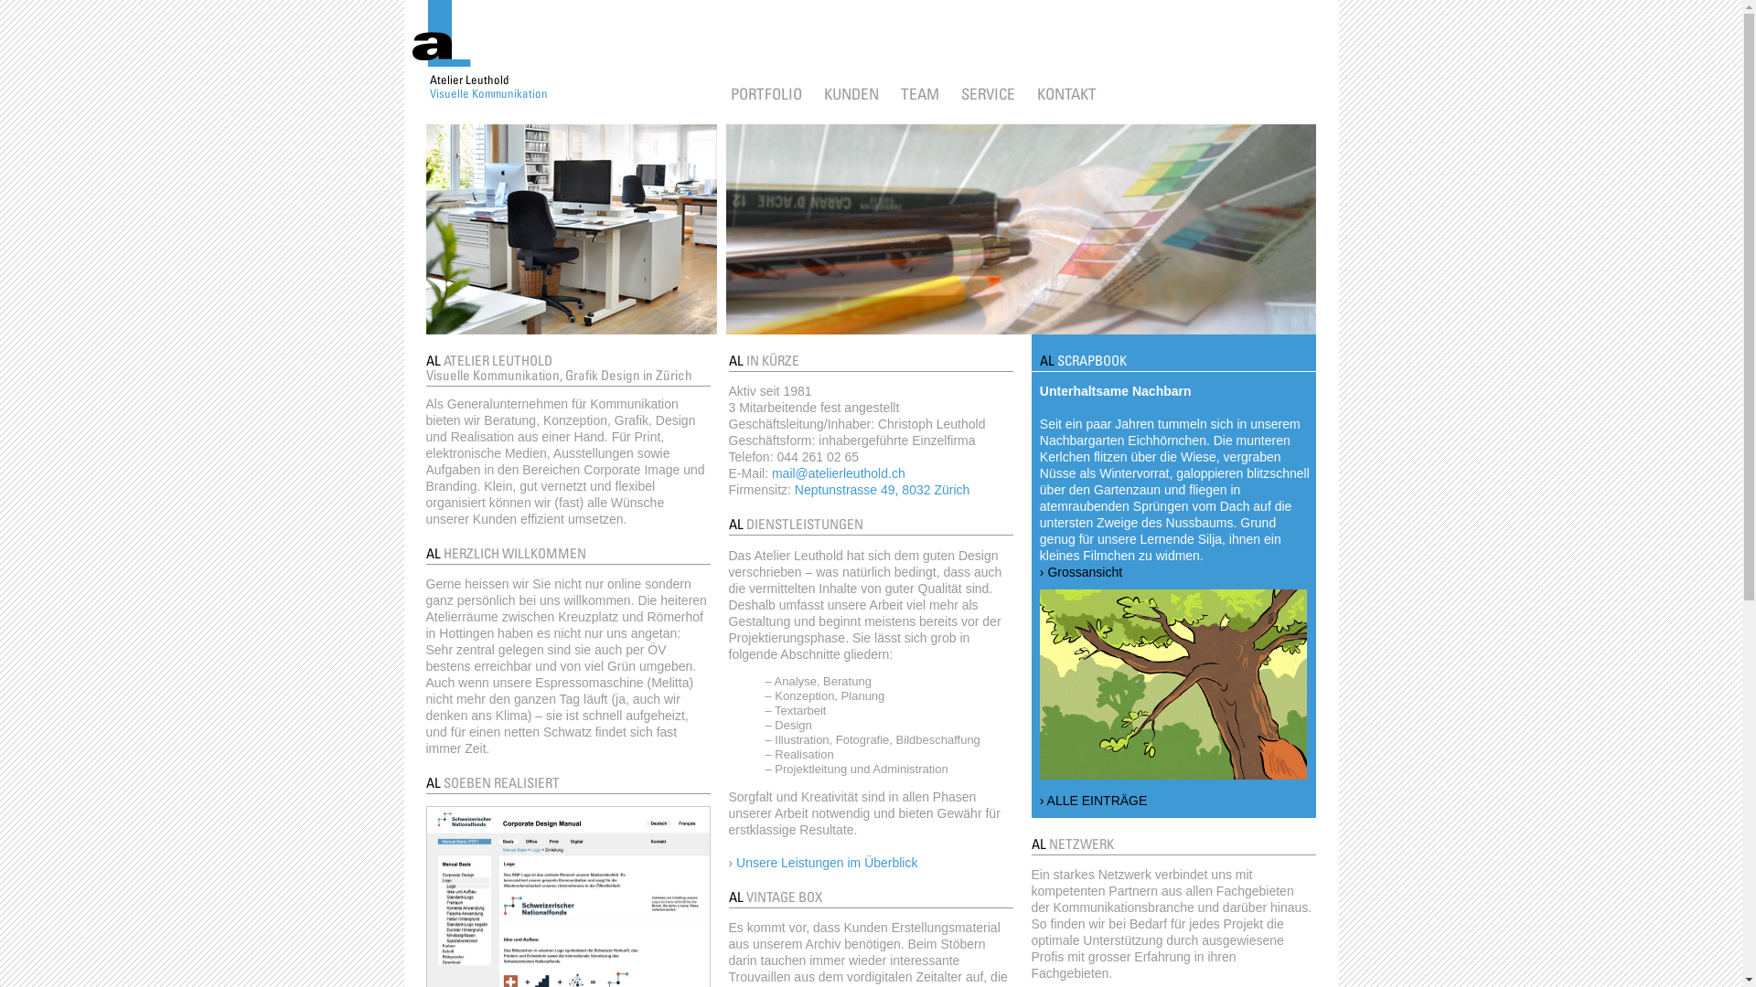  I want to click on 'KONTAKT', so click(1066, 93).